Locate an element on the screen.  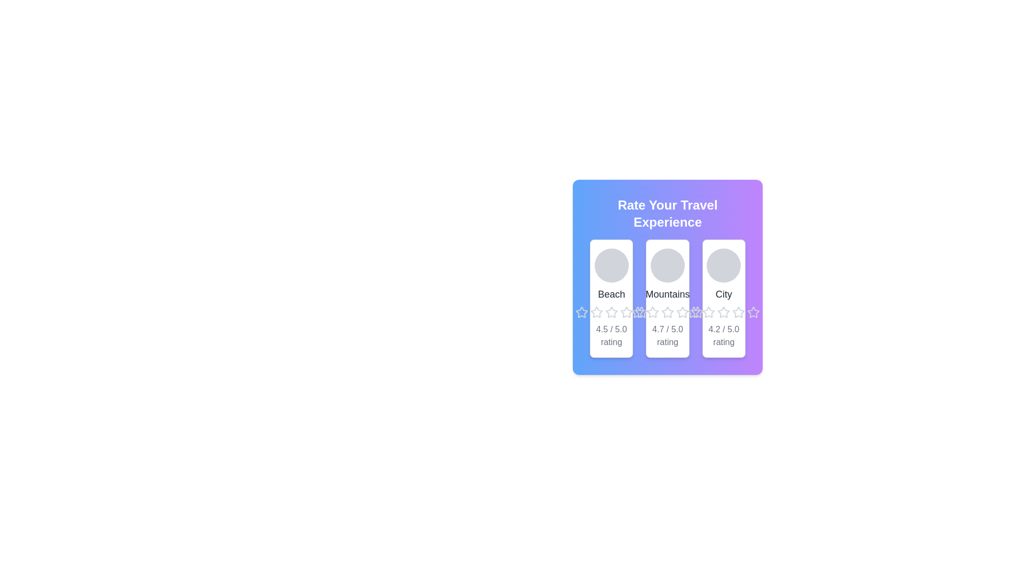
the rating component consisting of five clickable star icons located below the text 'Mountains' in the second card from the left is located at coordinates (667, 312).